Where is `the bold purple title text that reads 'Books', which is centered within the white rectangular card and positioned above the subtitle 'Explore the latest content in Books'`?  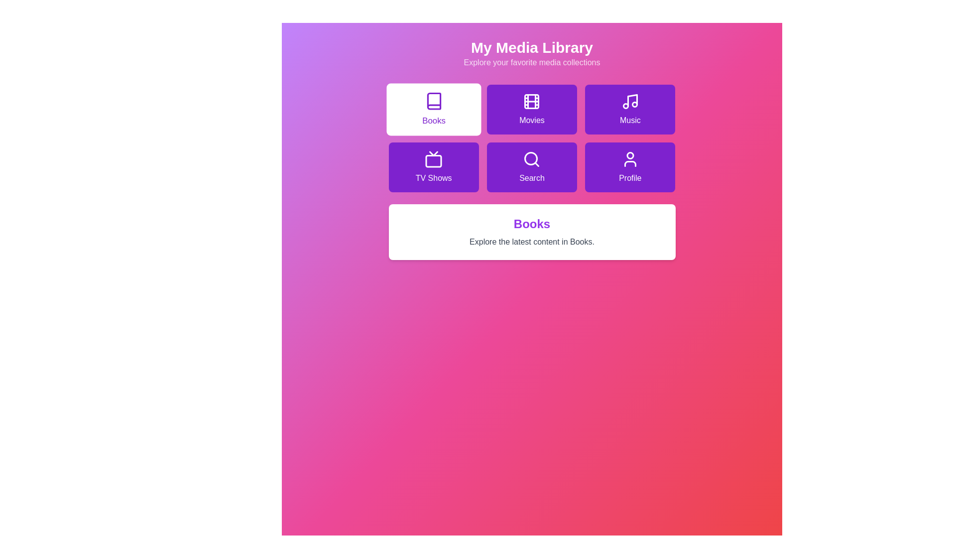 the bold purple title text that reads 'Books', which is centered within the white rectangular card and positioned above the subtitle 'Explore the latest content in Books' is located at coordinates (531, 224).